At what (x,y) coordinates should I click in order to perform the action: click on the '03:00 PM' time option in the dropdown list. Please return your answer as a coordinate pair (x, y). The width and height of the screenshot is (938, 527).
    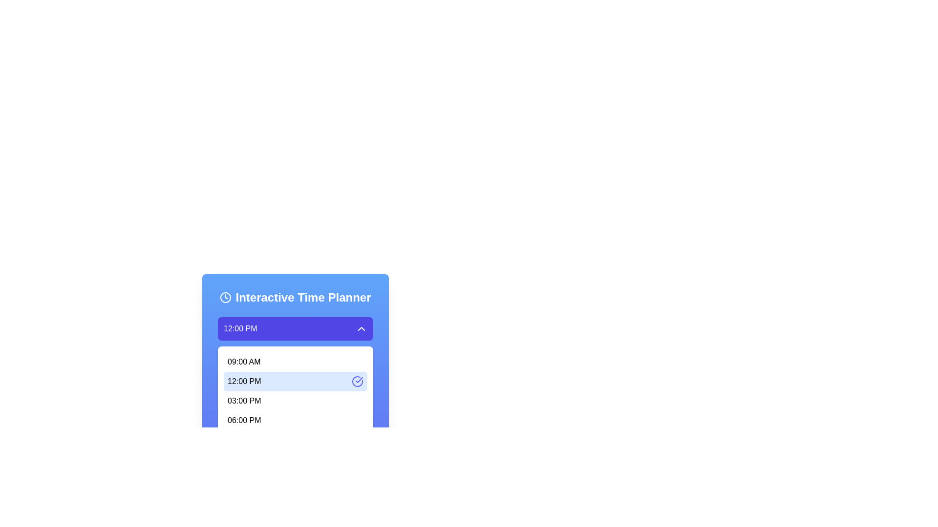
    Looking at the image, I should click on (295, 401).